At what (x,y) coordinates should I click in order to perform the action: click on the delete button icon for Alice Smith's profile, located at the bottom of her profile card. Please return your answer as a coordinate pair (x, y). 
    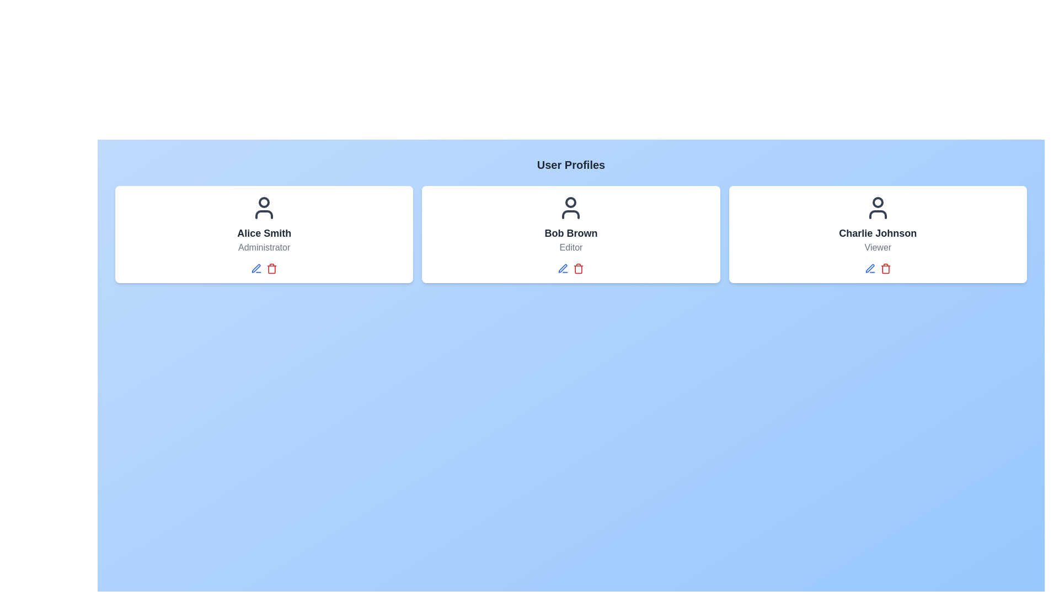
    Looking at the image, I should click on (272, 268).